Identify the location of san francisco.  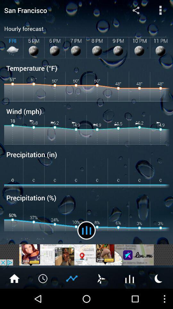
(57, 10).